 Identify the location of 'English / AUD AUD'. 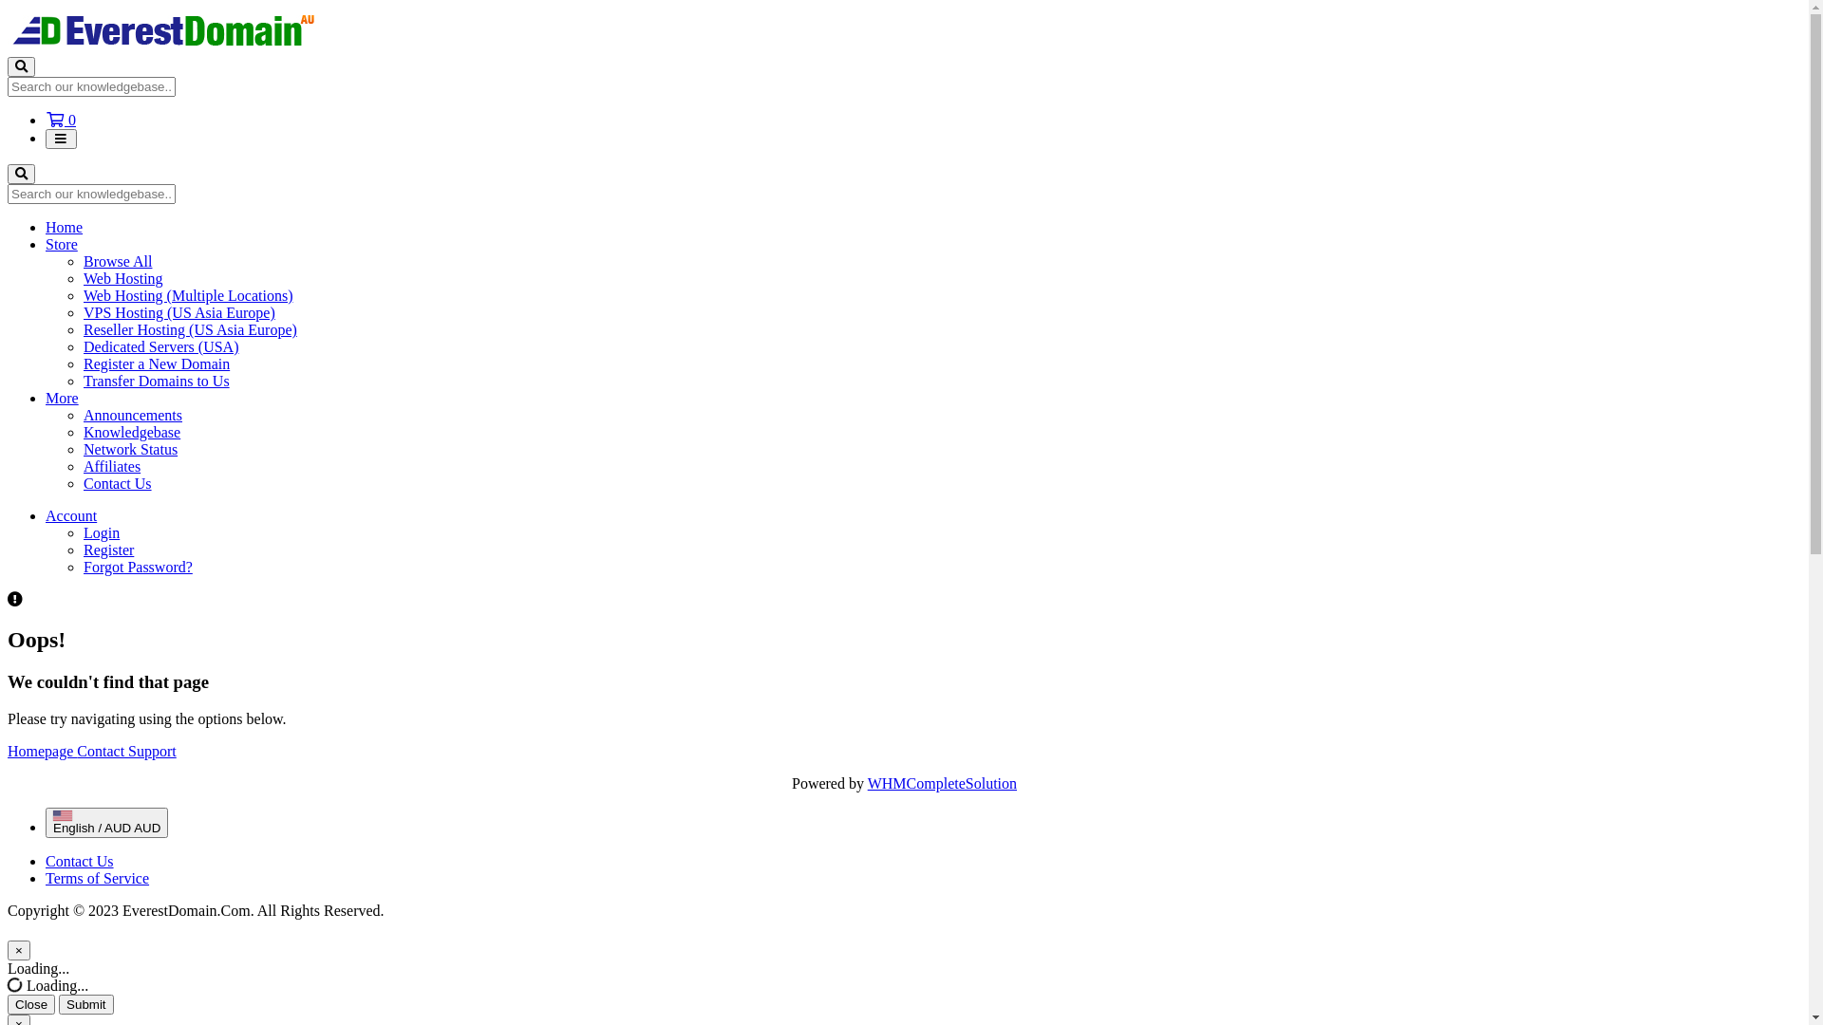
(105, 822).